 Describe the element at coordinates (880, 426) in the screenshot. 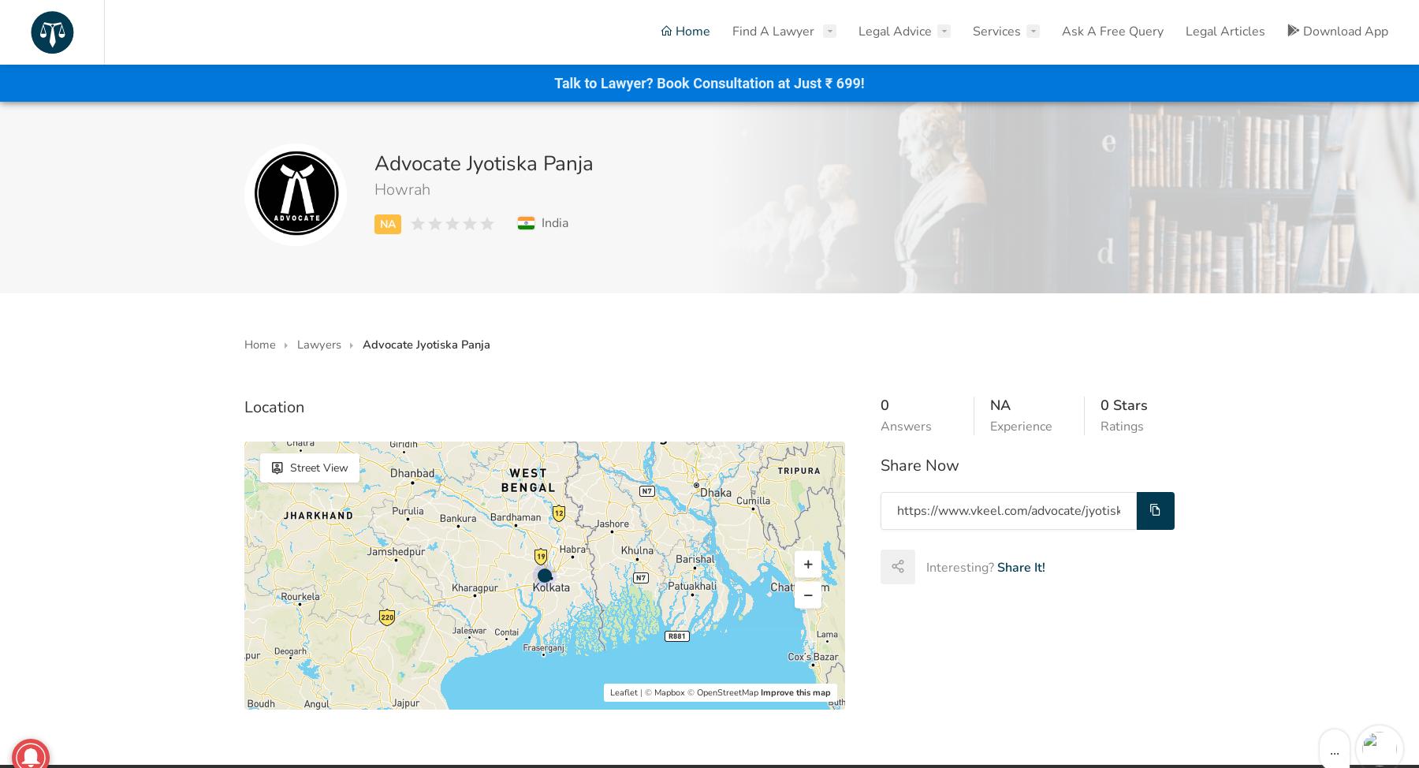

I see `'Answers'` at that location.